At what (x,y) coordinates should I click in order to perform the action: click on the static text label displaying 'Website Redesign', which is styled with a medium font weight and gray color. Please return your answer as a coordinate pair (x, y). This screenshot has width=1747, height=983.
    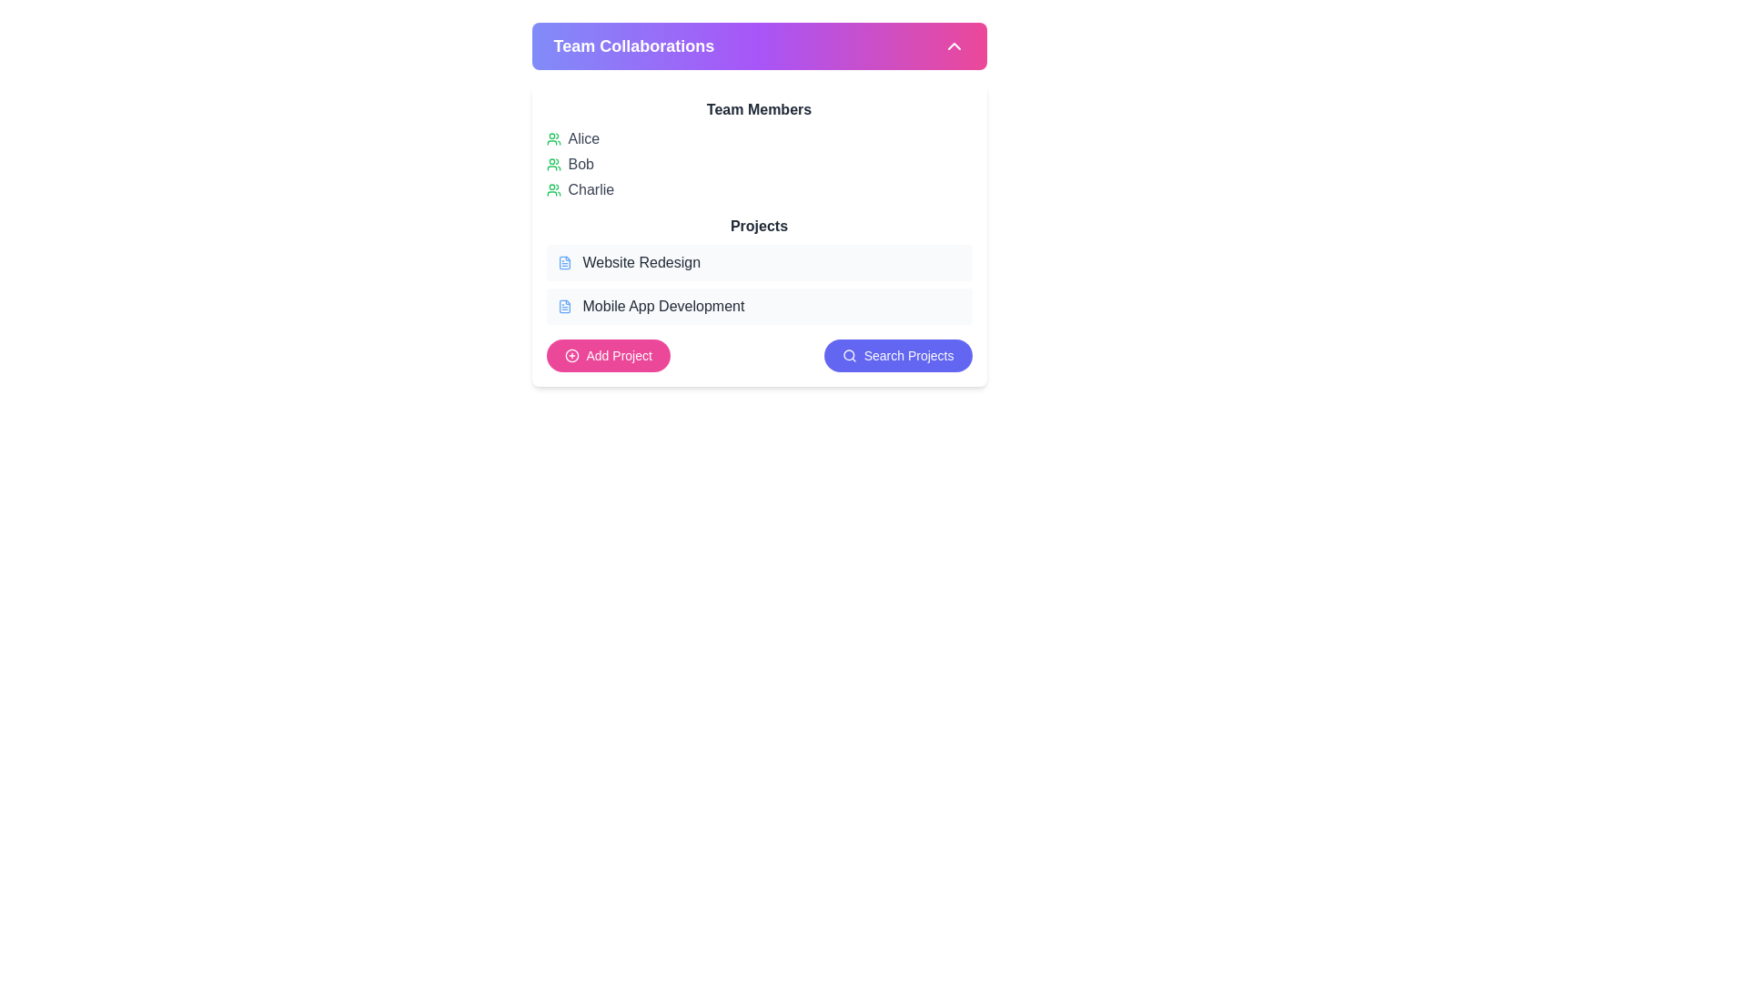
    Looking at the image, I should click on (641, 263).